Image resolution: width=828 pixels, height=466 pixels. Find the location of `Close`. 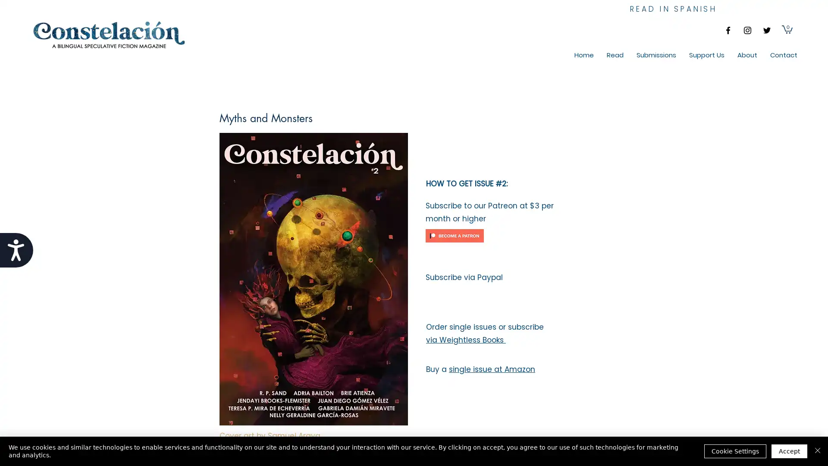

Close is located at coordinates (817, 450).